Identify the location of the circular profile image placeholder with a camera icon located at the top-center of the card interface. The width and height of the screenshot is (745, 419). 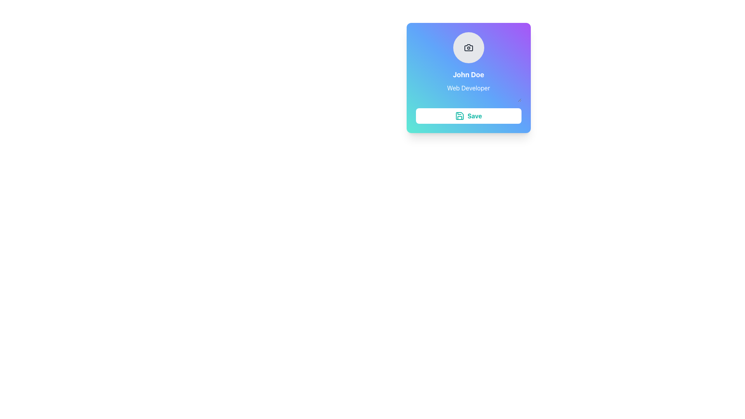
(468, 48).